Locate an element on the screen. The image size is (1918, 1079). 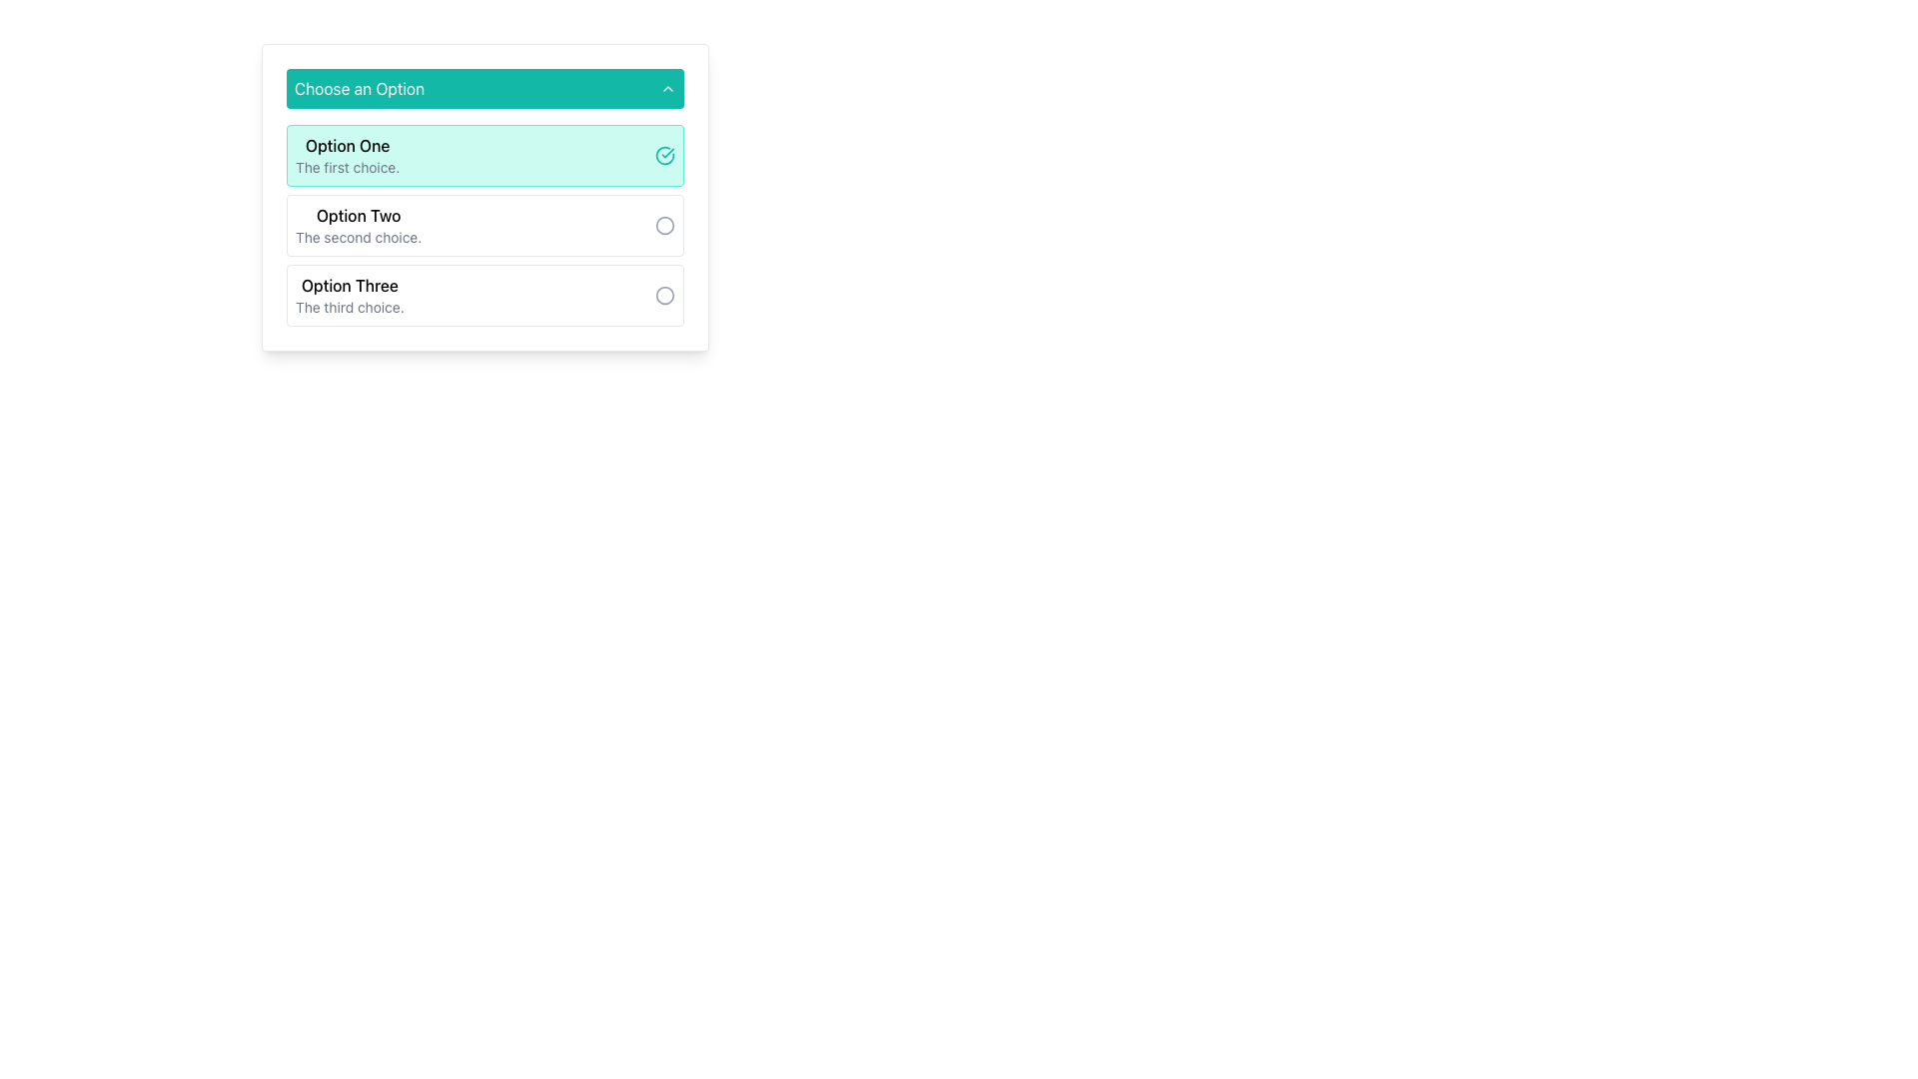
the descriptive text element that provides additional information about 'Option Three', located beneath the 'Option Three' label in the dropdown is located at coordinates (350, 308).